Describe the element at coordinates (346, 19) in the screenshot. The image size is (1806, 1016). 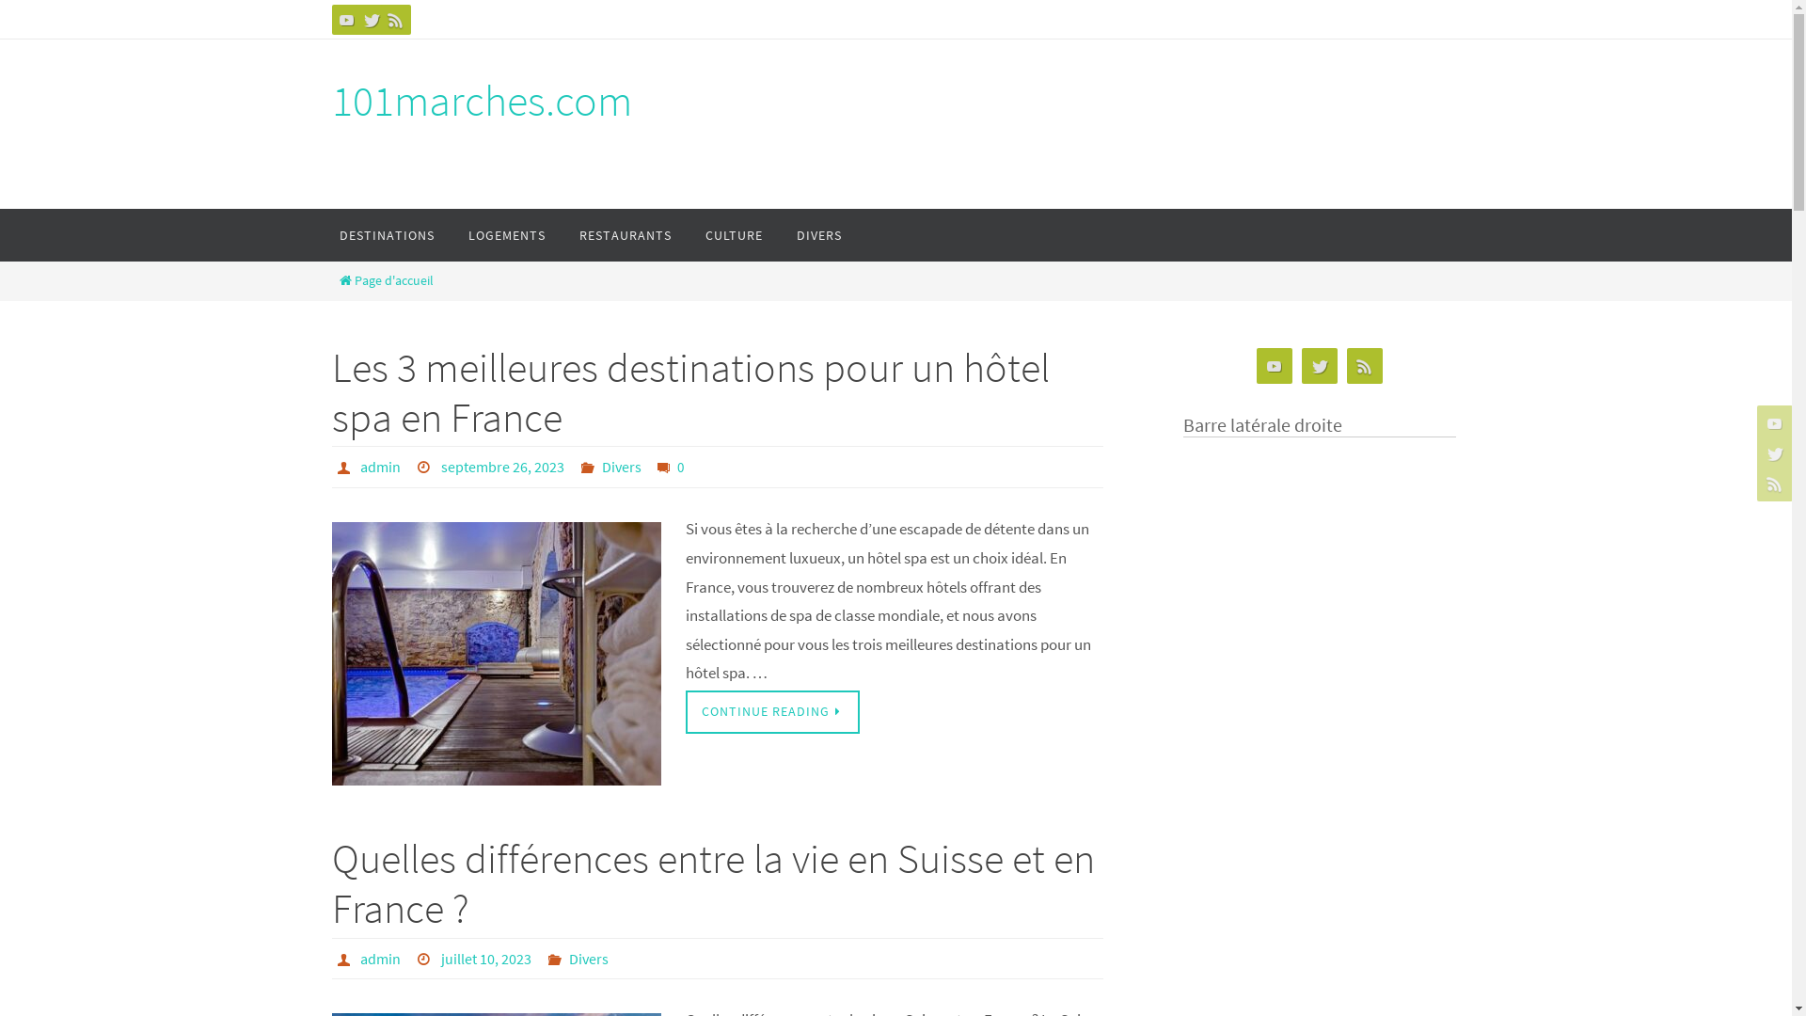
I see `'YouTube'` at that location.